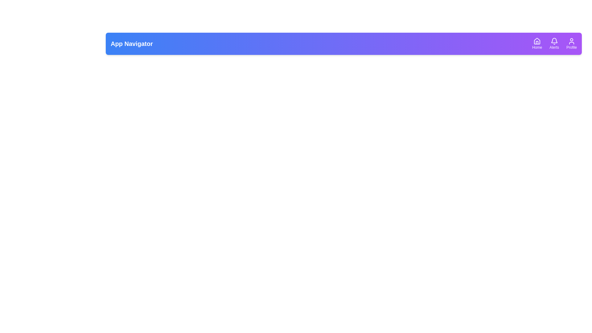 The image size is (592, 333). Describe the element at coordinates (554, 41) in the screenshot. I see `the bell icon displayed in white color with a rounded outline, located within the purple background of the 'Alerts' navigation bar at the top-right corner of the interface` at that location.